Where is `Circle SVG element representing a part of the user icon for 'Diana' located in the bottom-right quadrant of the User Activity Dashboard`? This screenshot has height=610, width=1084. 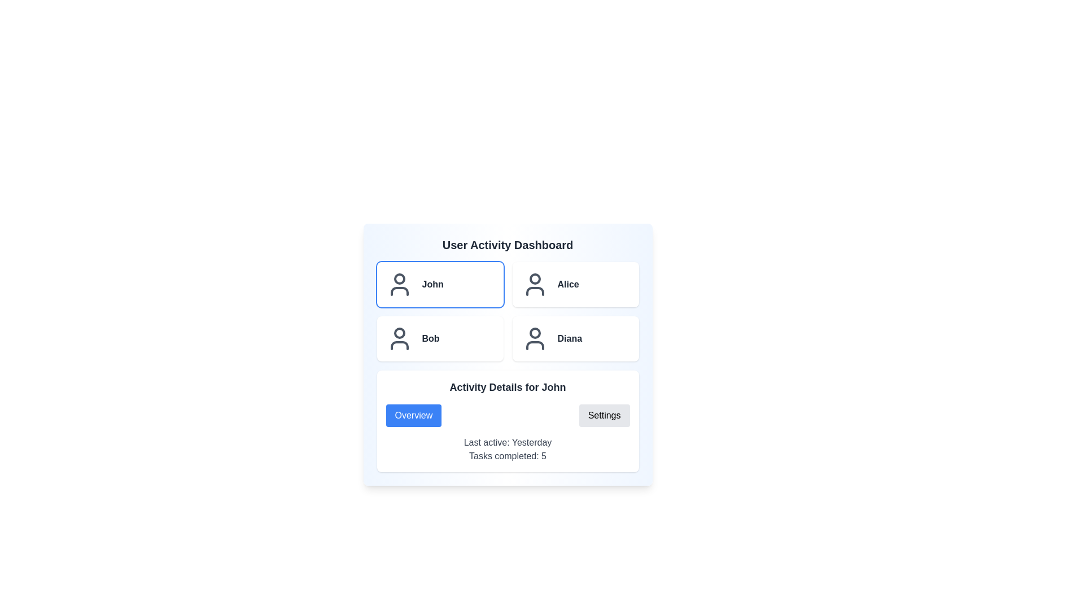
Circle SVG element representing a part of the user icon for 'Diana' located in the bottom-right quadrant of the User Activity Dashboard is located at coordinates (534, 333).